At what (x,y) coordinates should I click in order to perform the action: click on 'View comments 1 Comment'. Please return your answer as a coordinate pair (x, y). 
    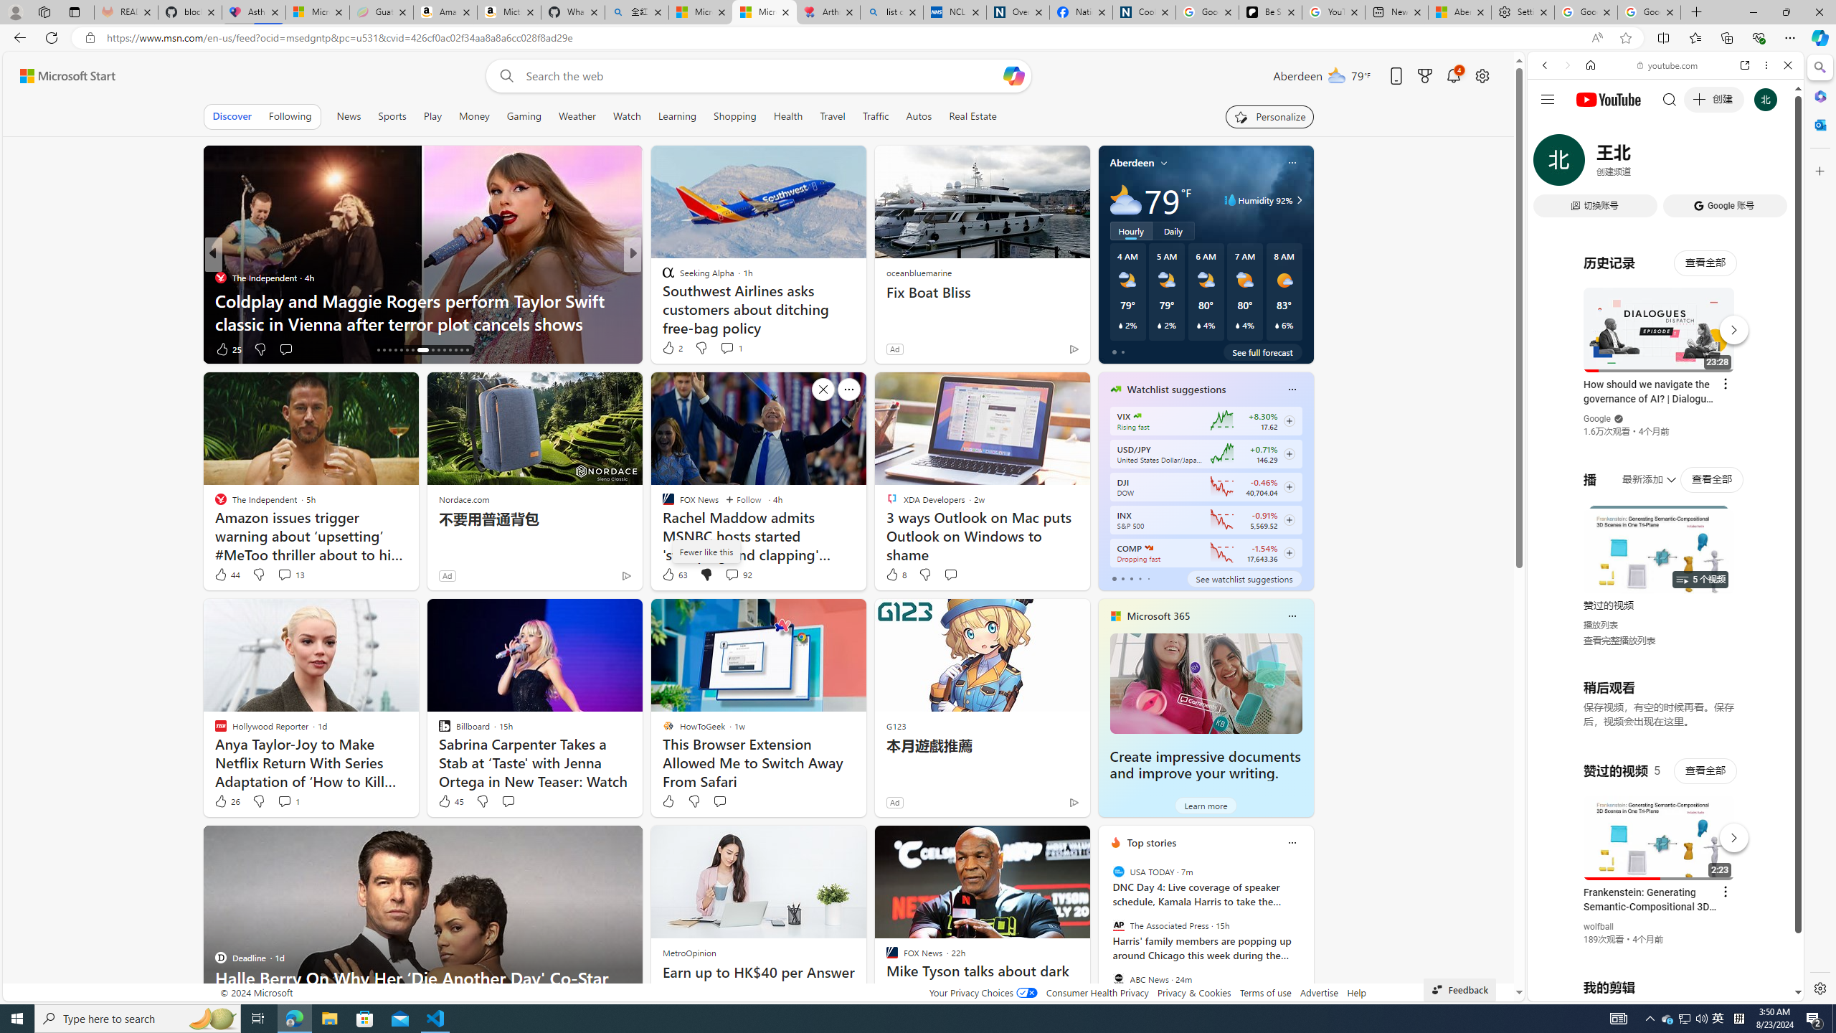
    Looking at the image, I should click on (287, 800).